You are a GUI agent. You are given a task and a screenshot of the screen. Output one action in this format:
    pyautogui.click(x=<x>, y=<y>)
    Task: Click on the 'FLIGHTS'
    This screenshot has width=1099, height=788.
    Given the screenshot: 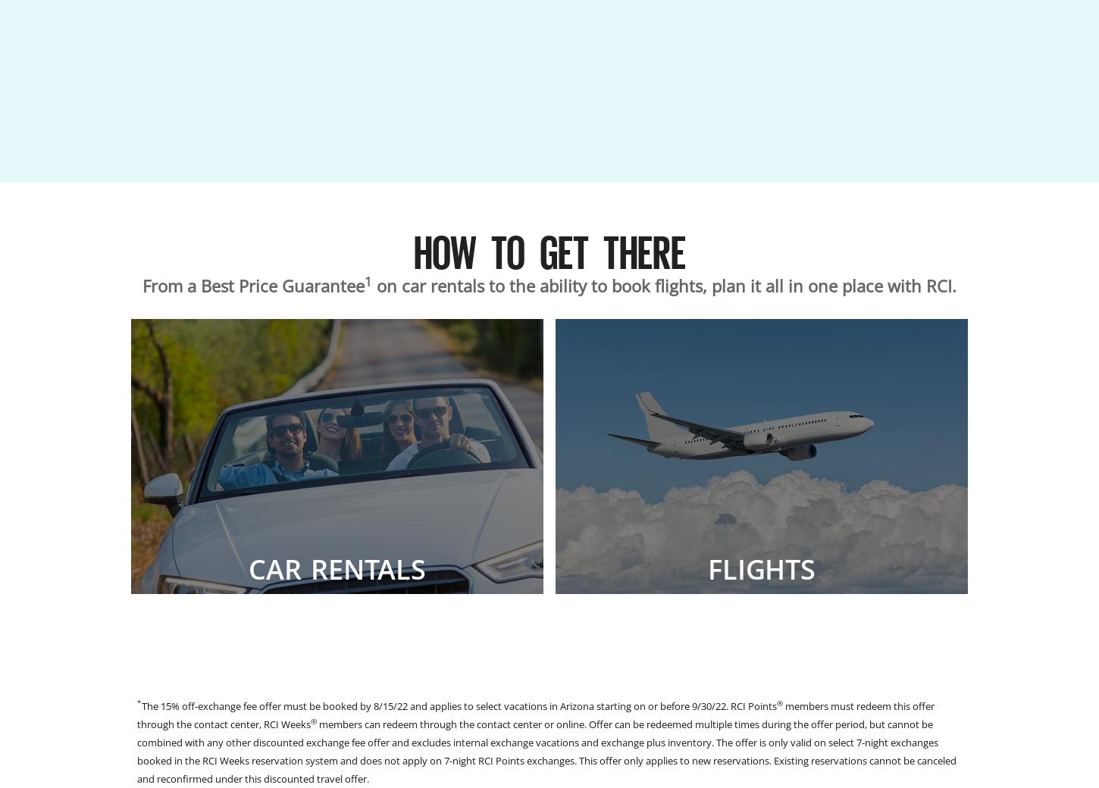 What is the action you would take?
    pyautogui.click(x=761, y=569)
    